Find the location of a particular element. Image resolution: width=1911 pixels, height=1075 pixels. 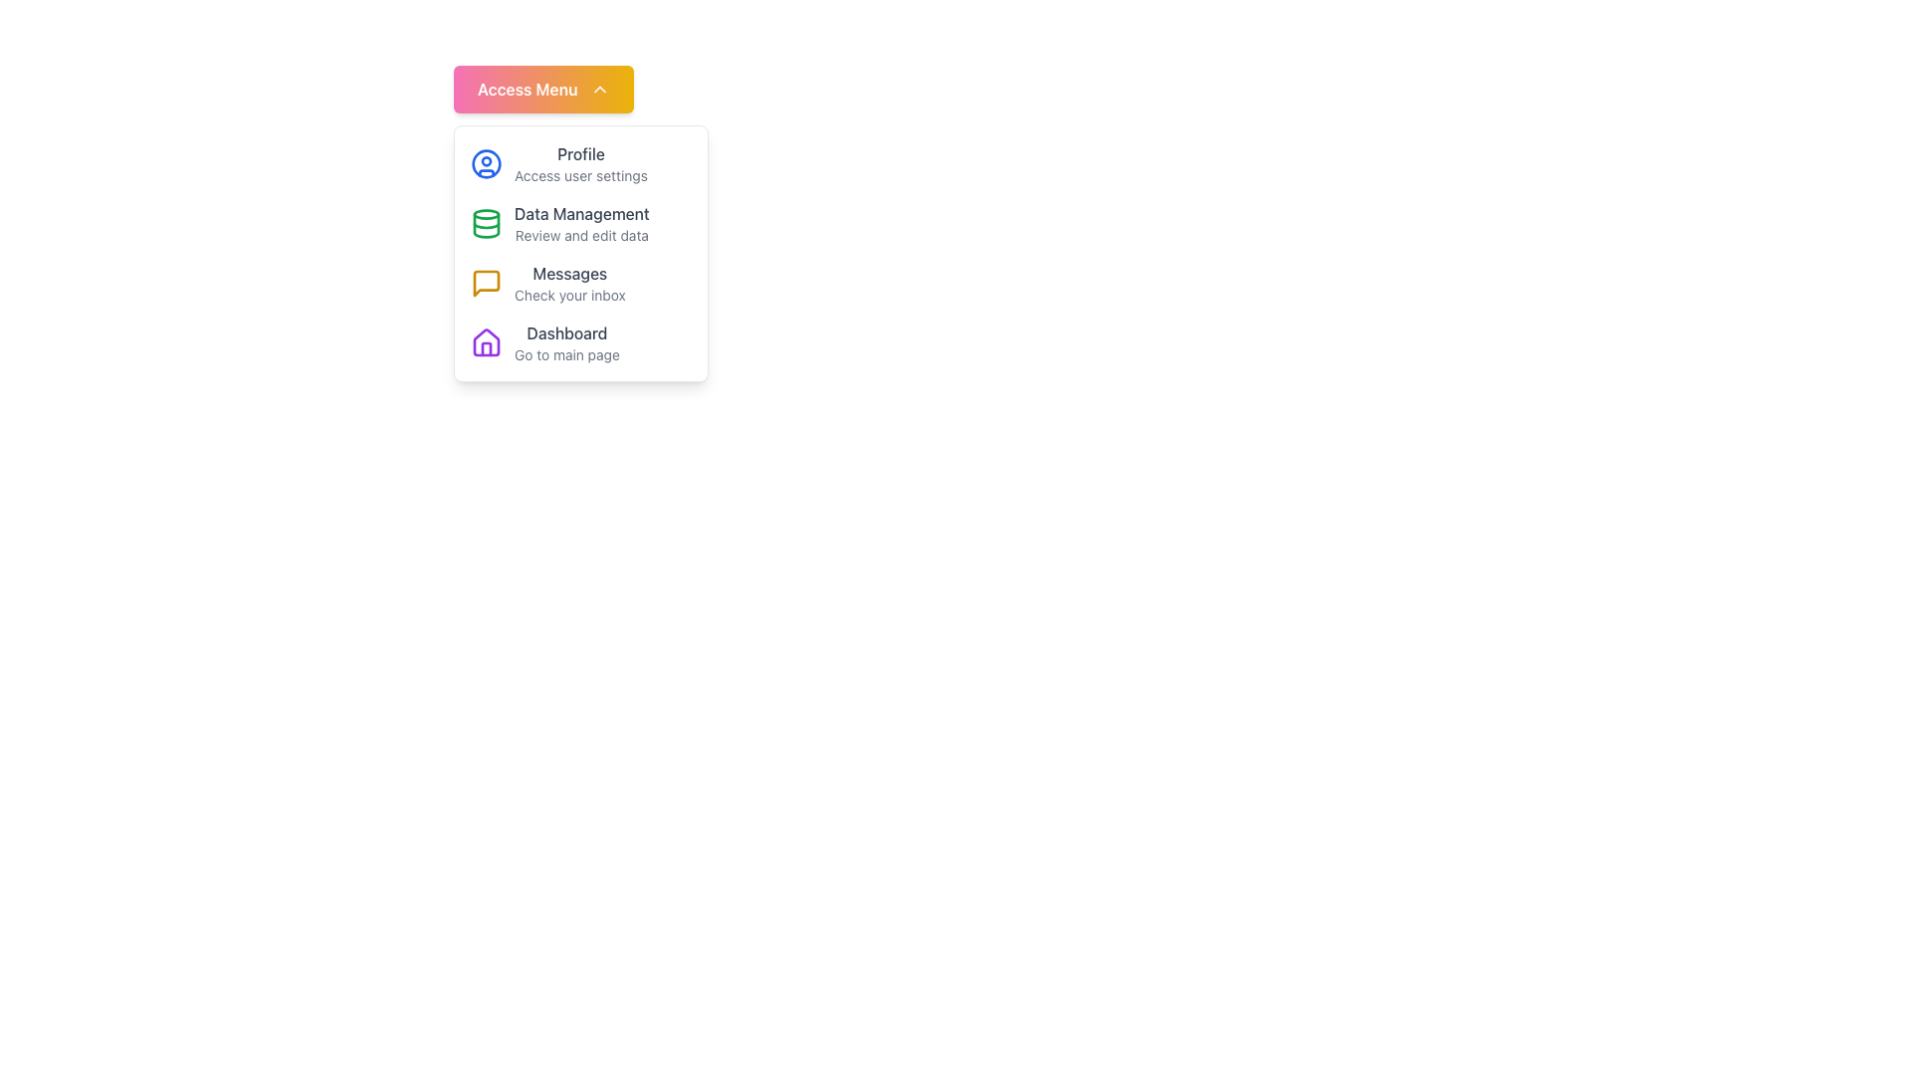

the 'Data Management' menu item in the dropdown menu is located at coordinates (580, 223).